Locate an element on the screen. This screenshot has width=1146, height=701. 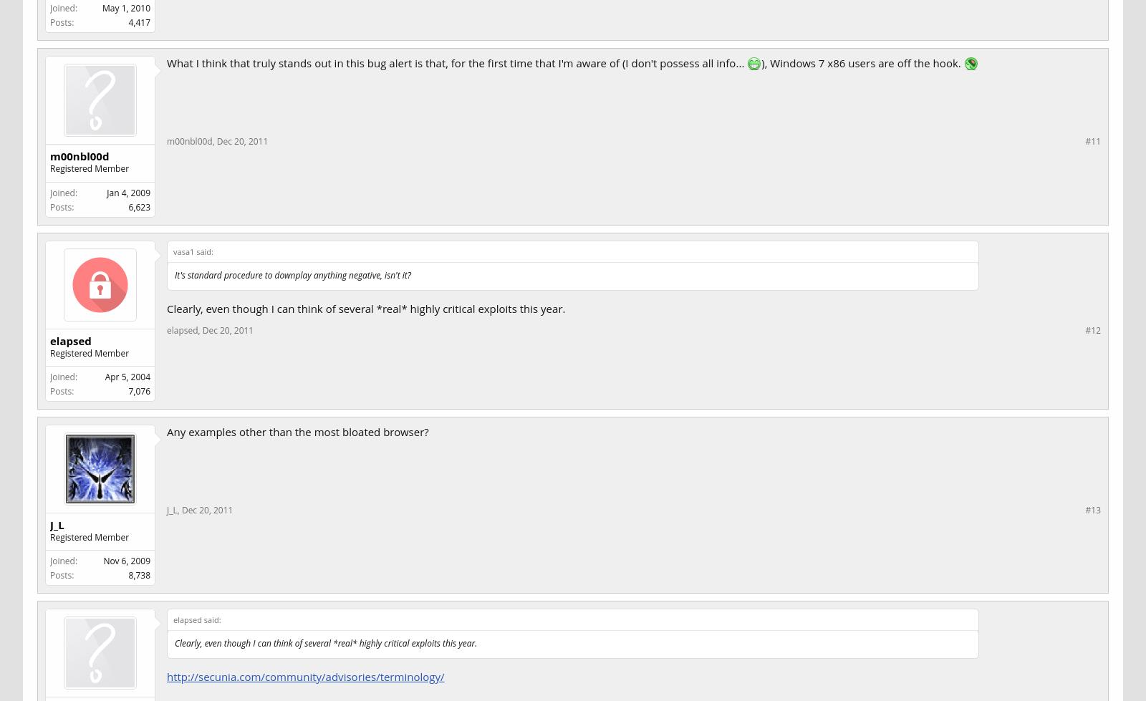
'What I think that truly stands out in this bug alert is that, for the first time that I'm aware of (I don't possess all info...' is located at coordinates (456, 63).